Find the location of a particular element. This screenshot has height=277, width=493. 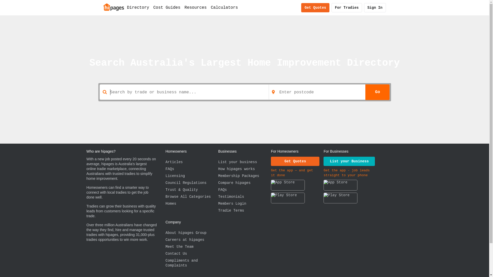

'Download the hipages app on the App Store' is located at coordinates (340, 186).